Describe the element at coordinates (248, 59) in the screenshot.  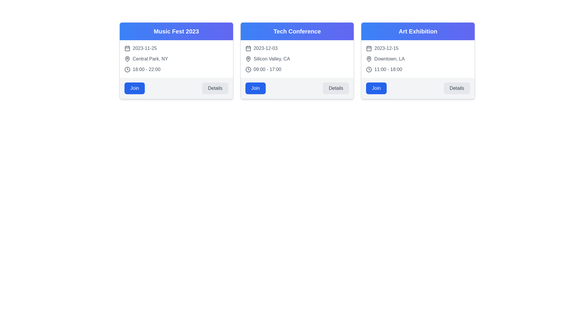
I see `the map pin icon located in the second card labeled 'Tech Conference', which is positioned to the left of the text 'Silicon Valley, CA' and directly below the date '2023-12-03'` at that location.